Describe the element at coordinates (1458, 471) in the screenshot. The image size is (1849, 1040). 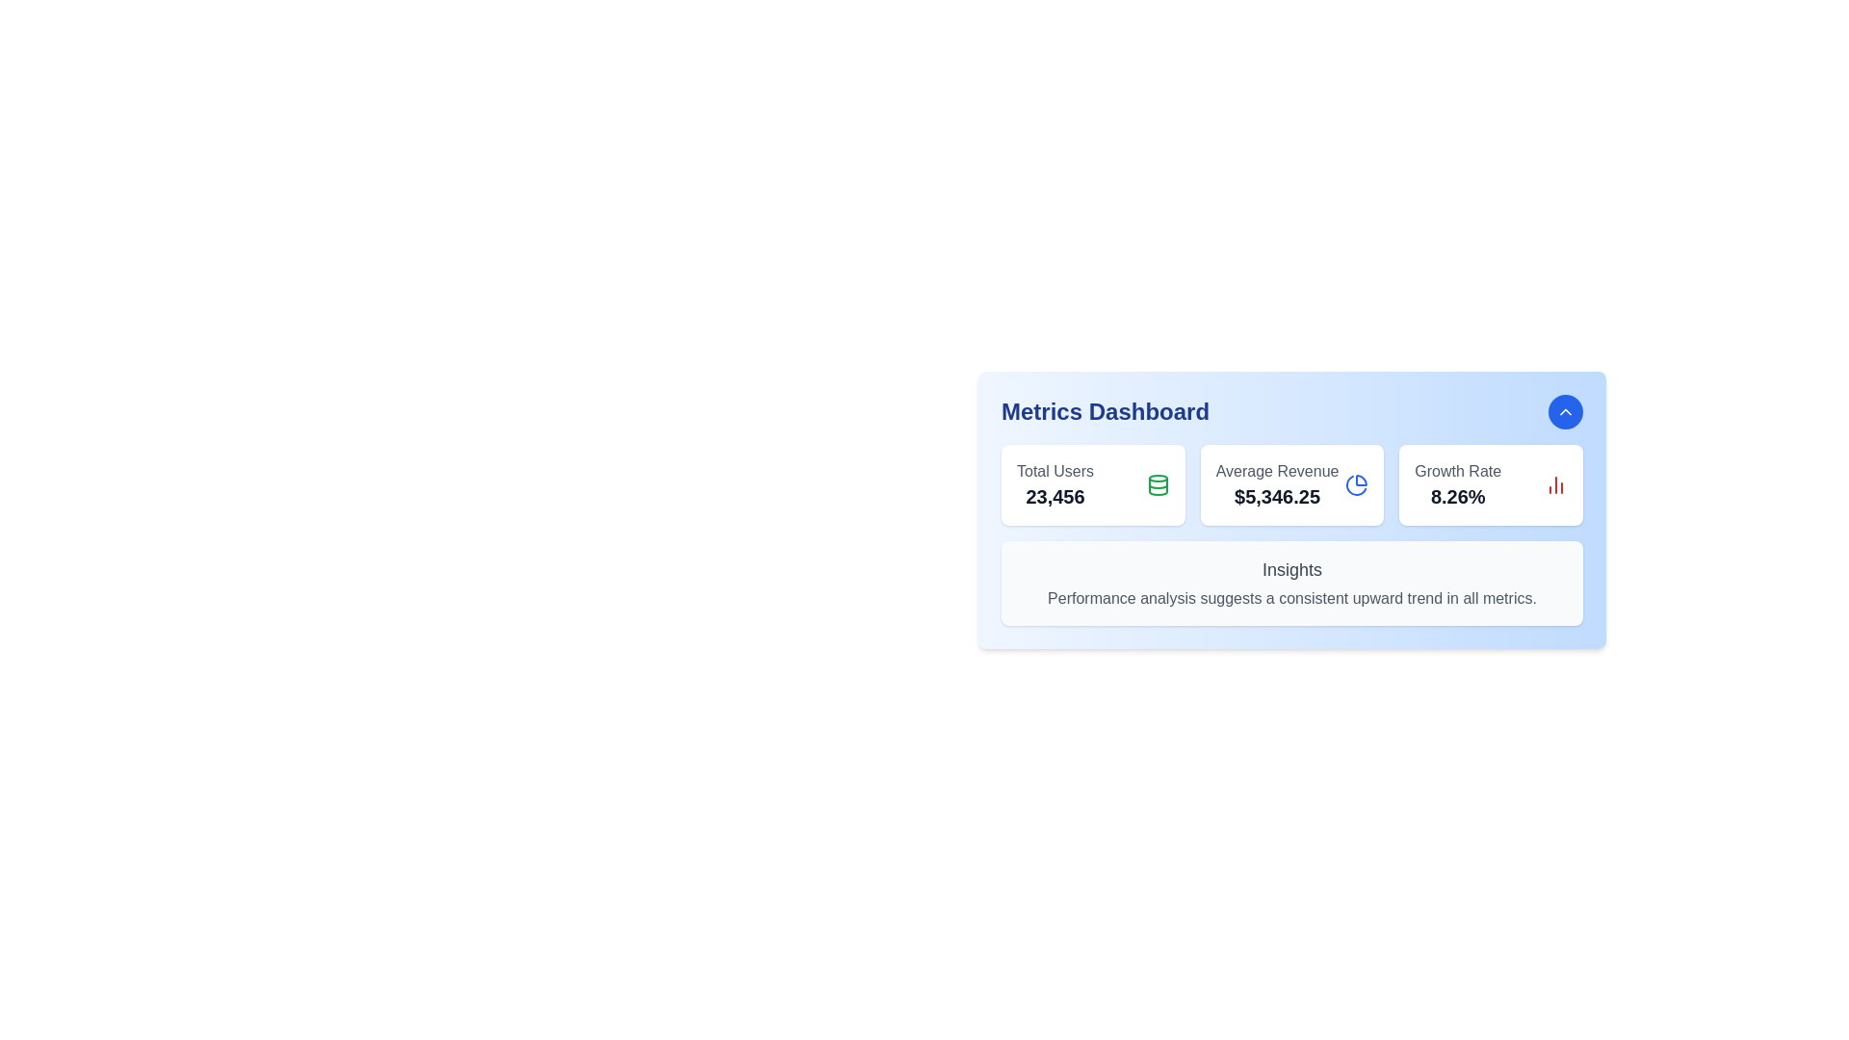
I see `the 'Growth Rate' text label displayed in a subdued gray color, which is positioned above the '8.26%' percentage value in the rightmost card of the Metrics Dashboard` at that location.